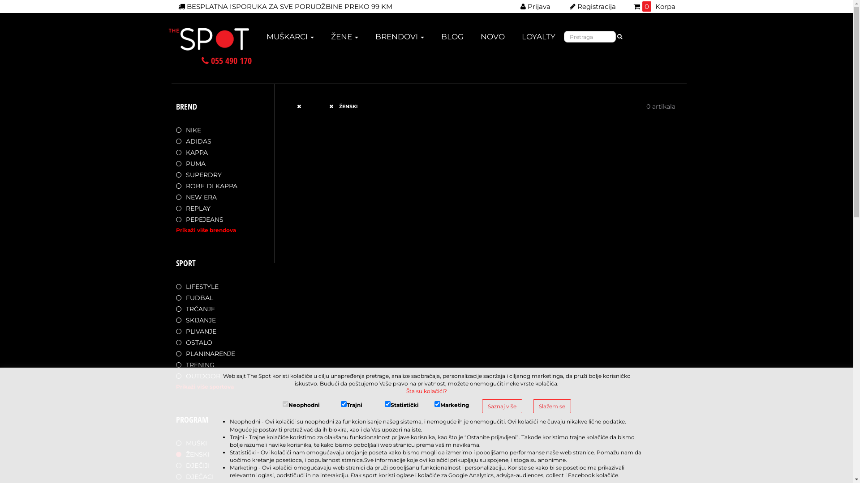  I want to click on 'Prijava', so click(535, 6).